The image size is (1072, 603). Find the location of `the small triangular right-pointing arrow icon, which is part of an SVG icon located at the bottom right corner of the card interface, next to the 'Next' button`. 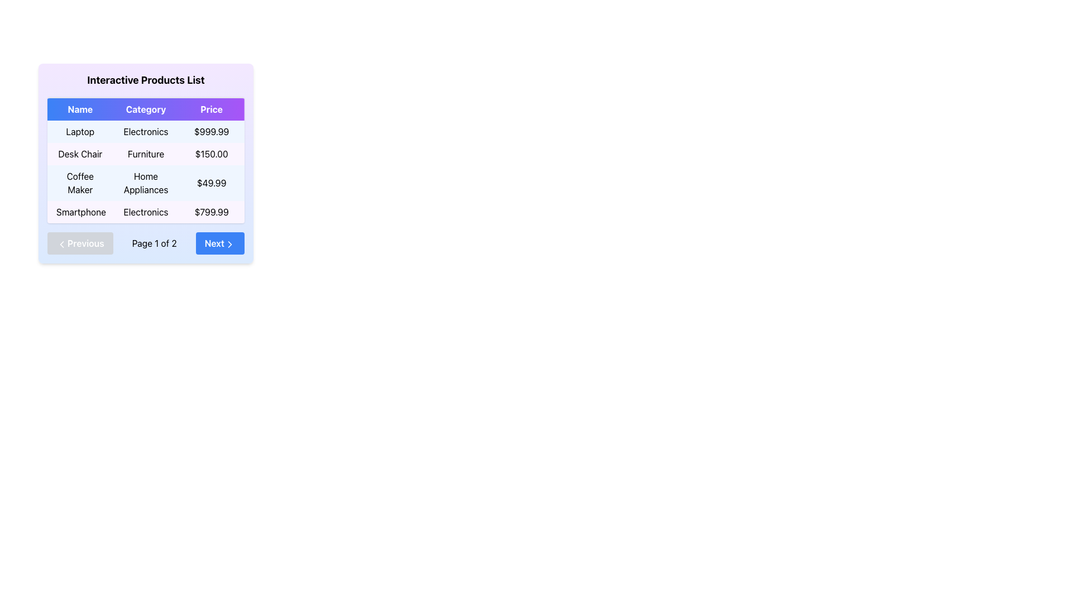

the small triangular right-pointing arrow icon, which is part of an SVG icon located at the bottom right corner of the card interface, next to the 'Next' button is located at coordinates (229, 243).